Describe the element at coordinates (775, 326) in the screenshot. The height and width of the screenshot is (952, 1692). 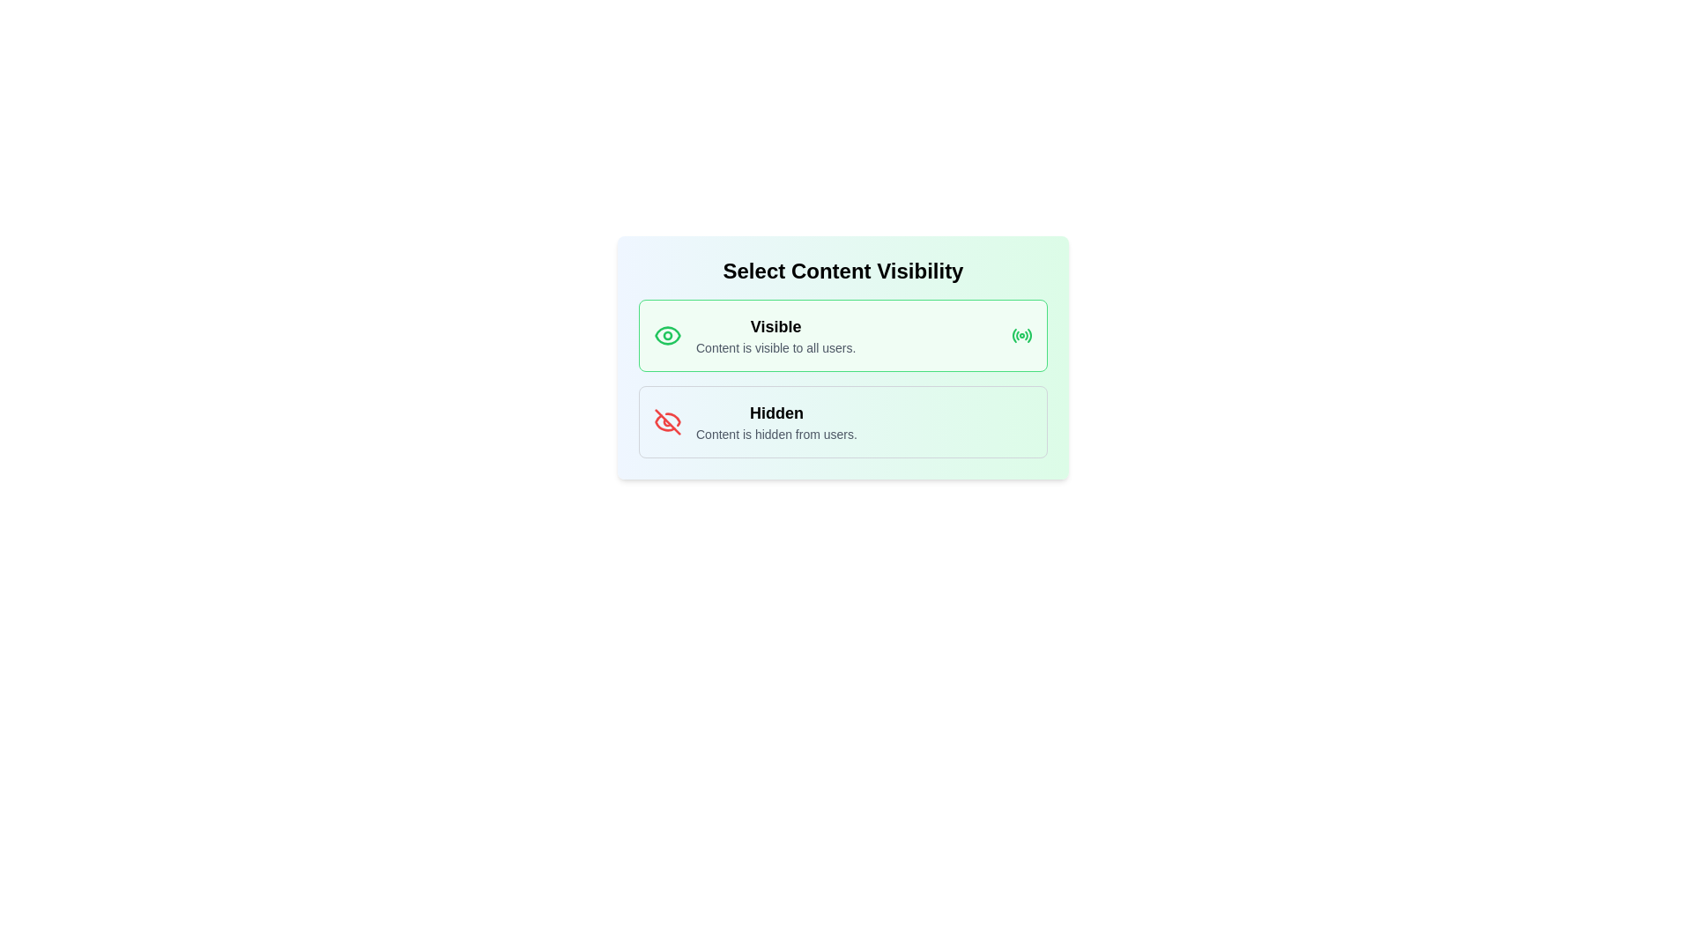
I see `the 'Visible' text label in the 'Select Content Visibility' section, which indicates the option for content visibility selection` at that location.